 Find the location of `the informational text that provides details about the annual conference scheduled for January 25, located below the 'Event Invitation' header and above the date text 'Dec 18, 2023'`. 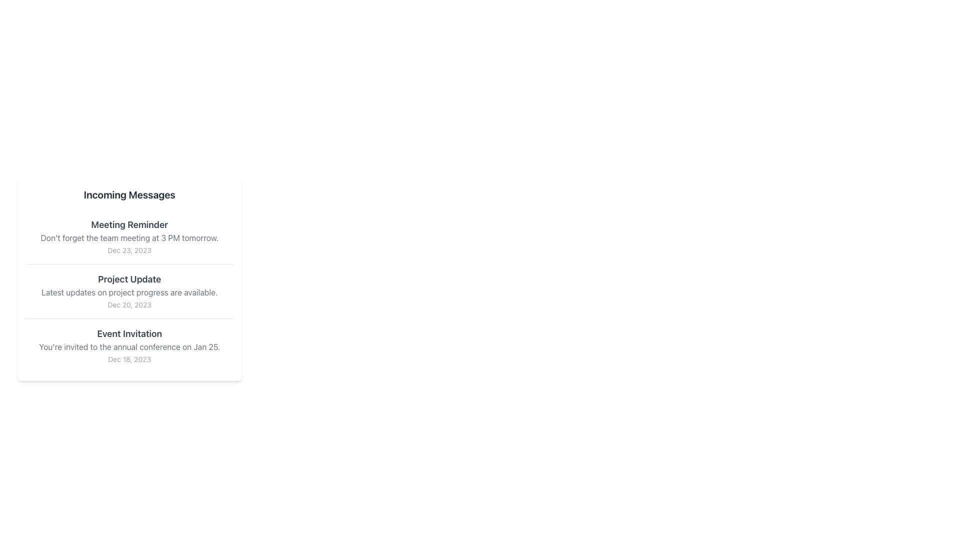

the informational text that provides details about the annual conference scheduled for January 25, located below the 'Event Invitation' header and above the date text 'Dec 18, 2023' is located at coordinates (129, 346).